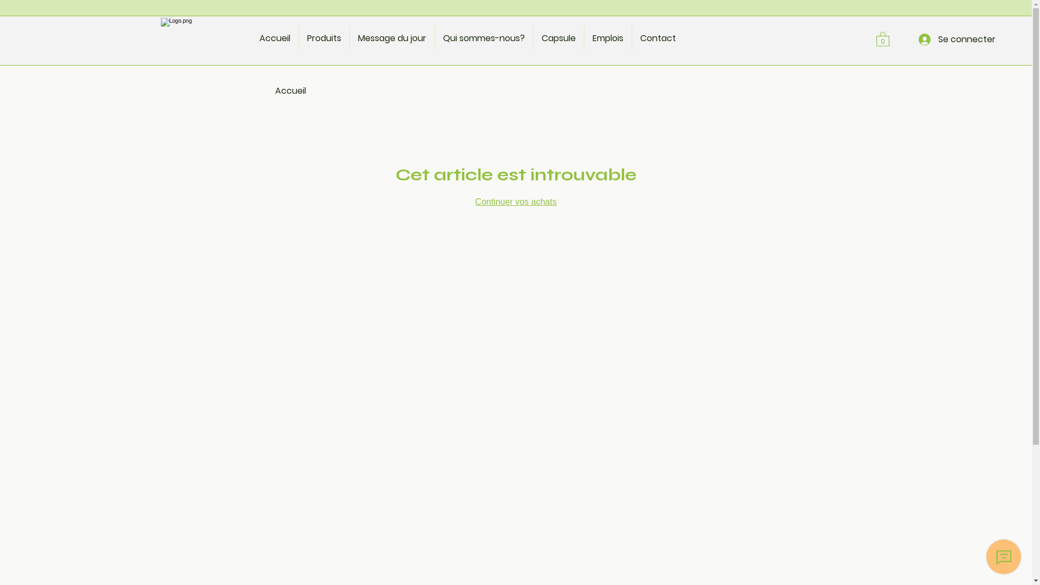  Describe the element at coordinates (515, 201) in the screenshot. I see `'Continuer vos achats'` at that location.